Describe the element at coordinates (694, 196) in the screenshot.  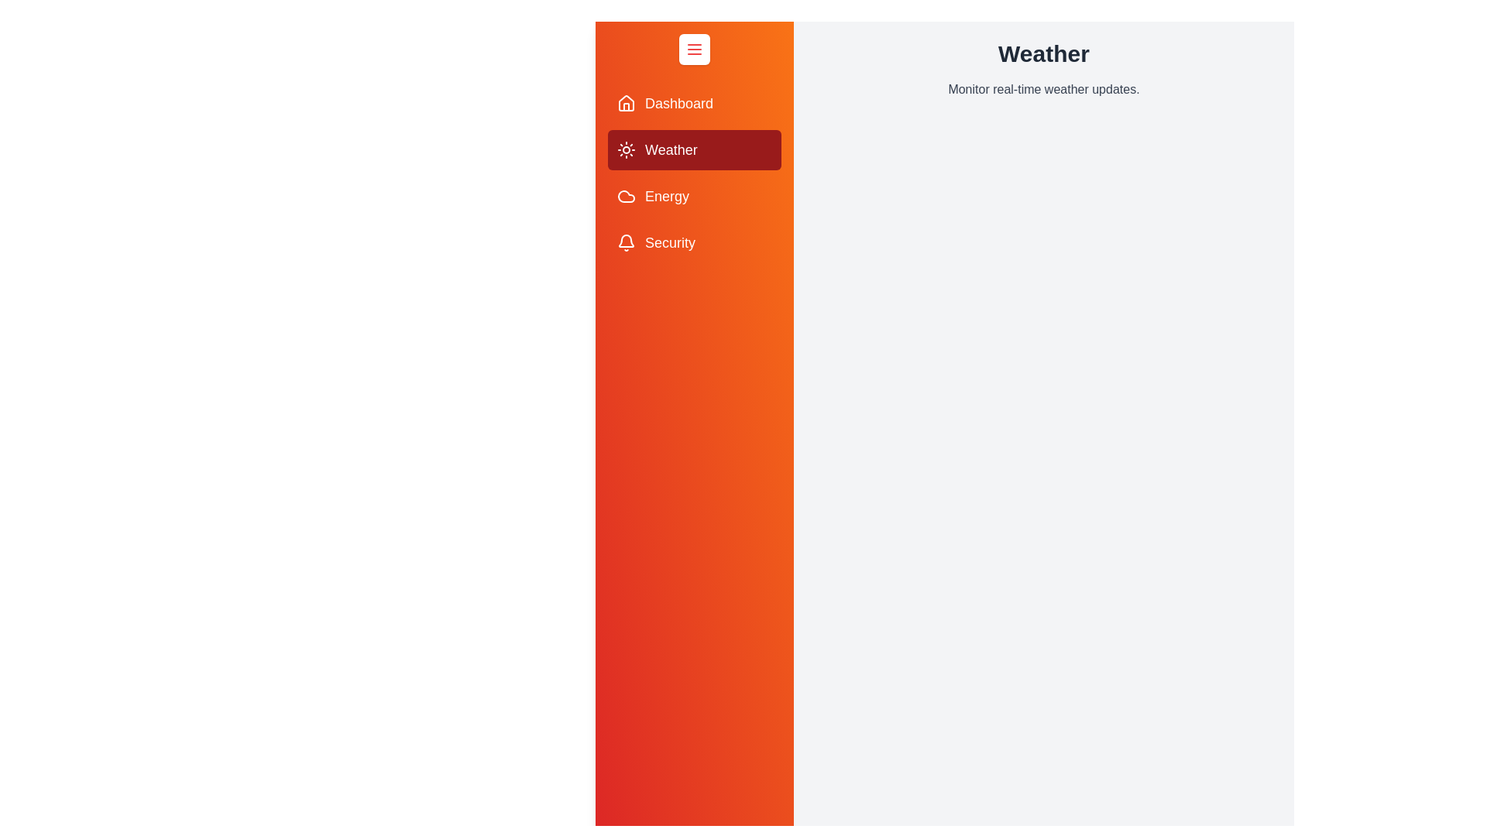
I see `the menu item labeled 'Energy' to observe its hover effect` at that location.